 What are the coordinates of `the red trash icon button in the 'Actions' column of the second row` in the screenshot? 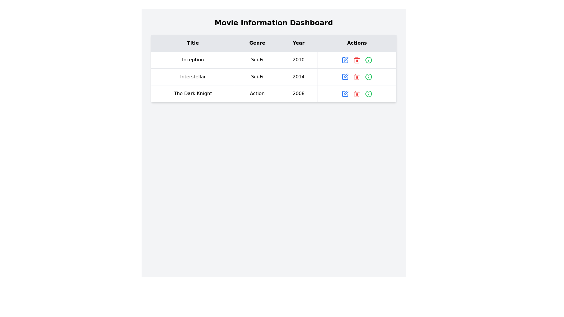 It's located at (357, 77).